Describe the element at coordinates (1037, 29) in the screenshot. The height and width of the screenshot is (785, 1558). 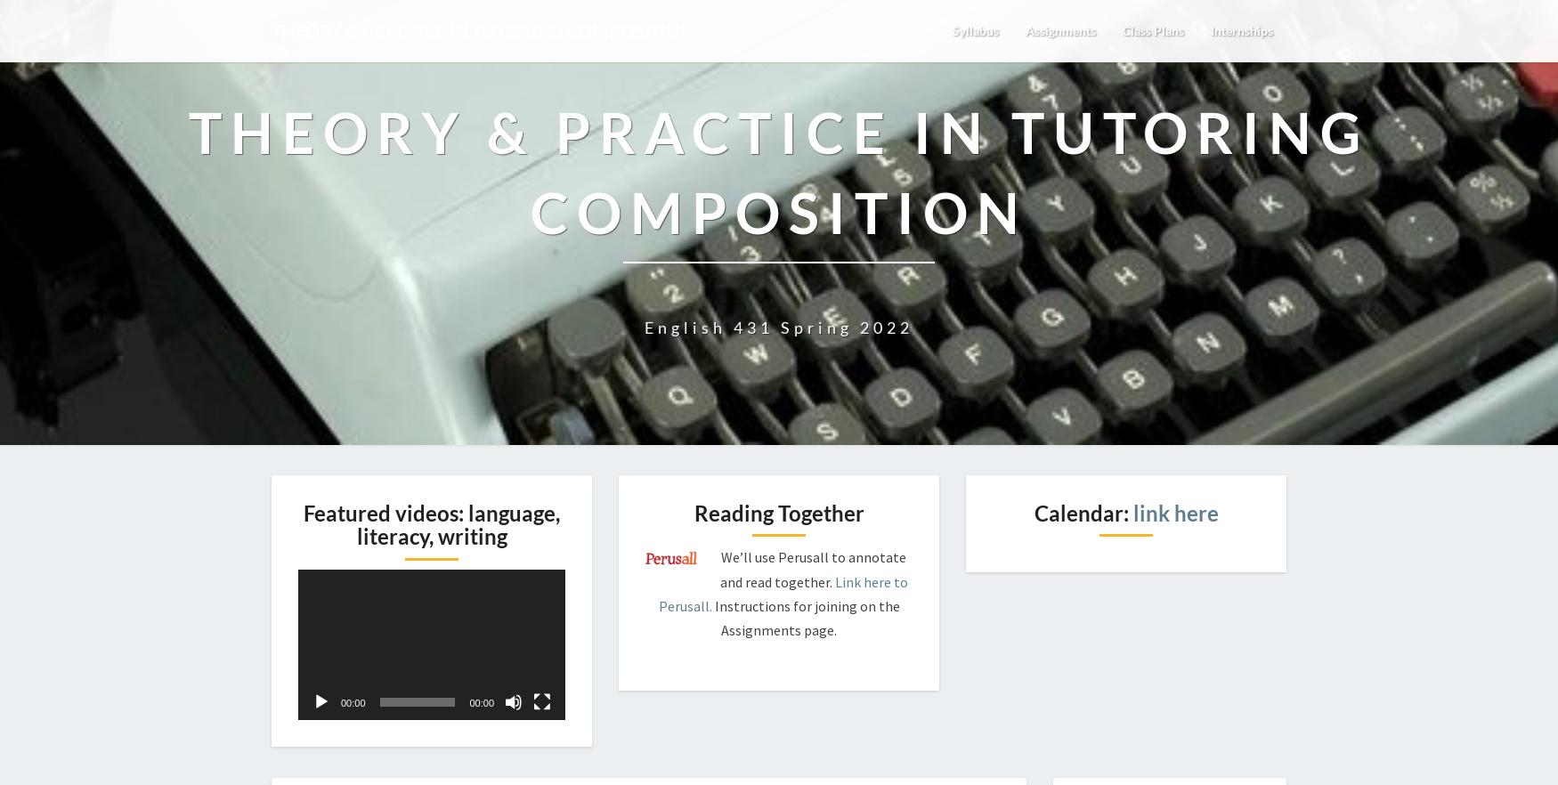
I see `'Assignments'` at that location.